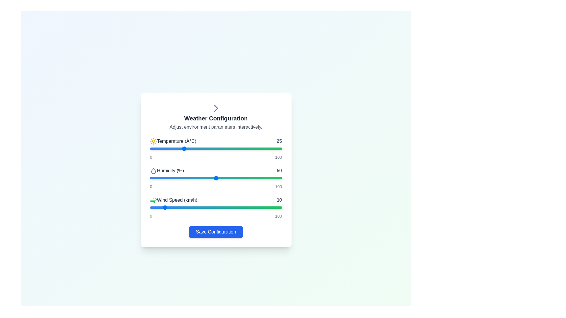 The height and width of the screenshot is (318, 566). I want to click on the slider value, so click(278, 178).